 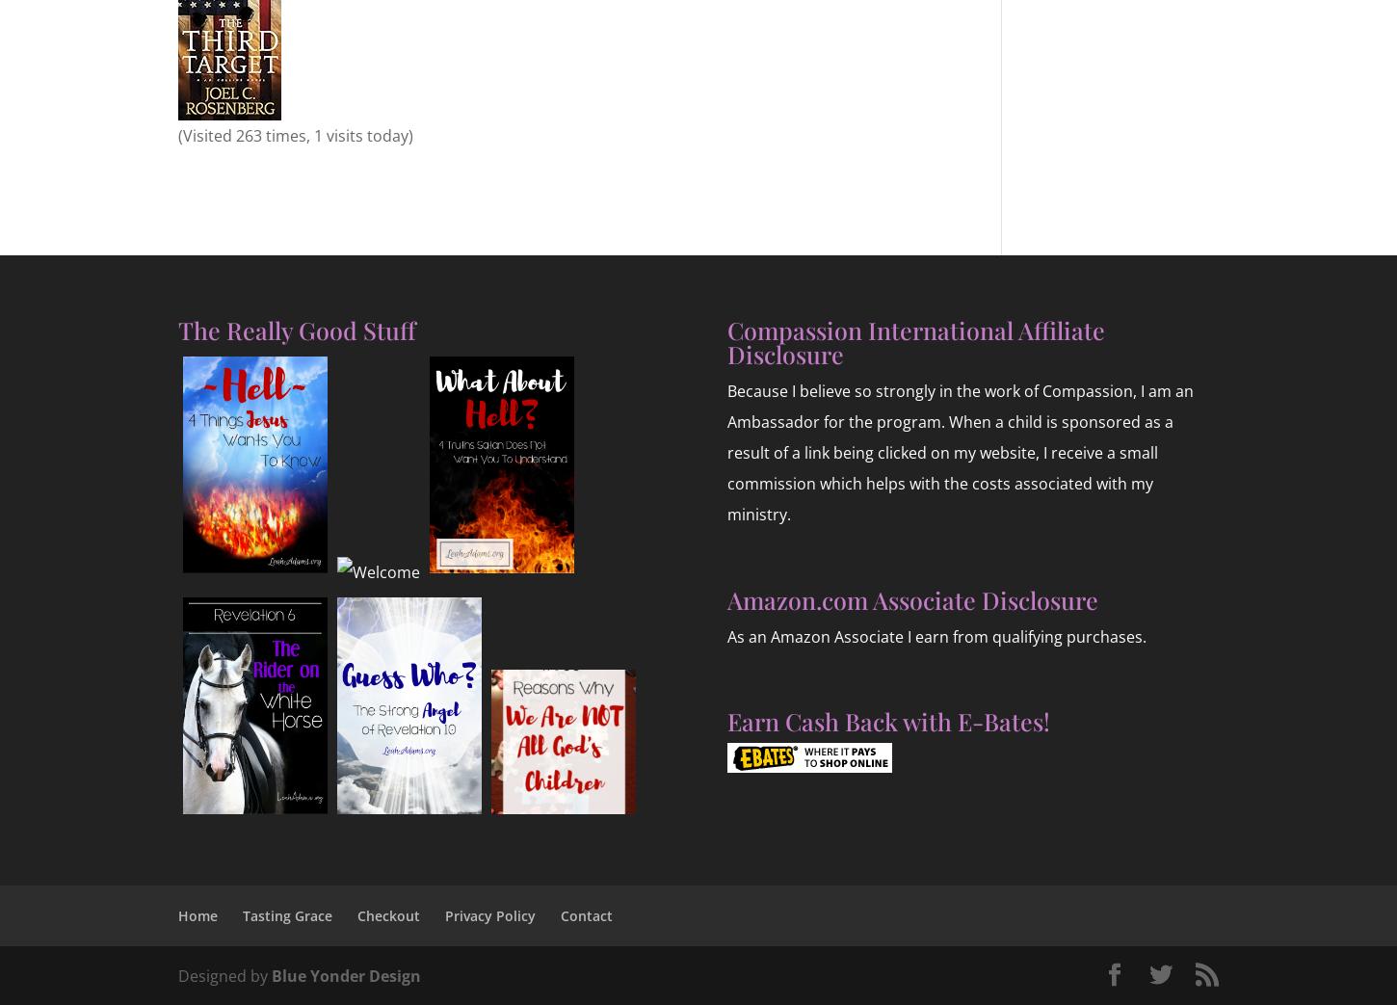 I want to click on '(Visited 263 times, 1 visits today)', so click(x=295, y=136).